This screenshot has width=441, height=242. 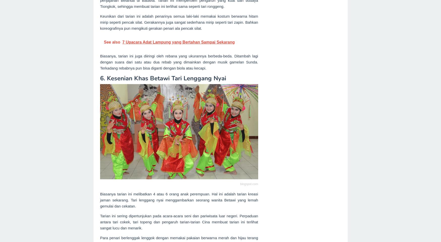 I want to click on 'Biasanya tarian ini melibatkan 4 atau 6 orang anak perempuan. Hal ini adalah tarian kreasi jaman sekarang. Tari lenggang nyai menggambarkan seorang wanita Betawi yang lemah gemulai dan cekatan.', so click(x=179, y=200).